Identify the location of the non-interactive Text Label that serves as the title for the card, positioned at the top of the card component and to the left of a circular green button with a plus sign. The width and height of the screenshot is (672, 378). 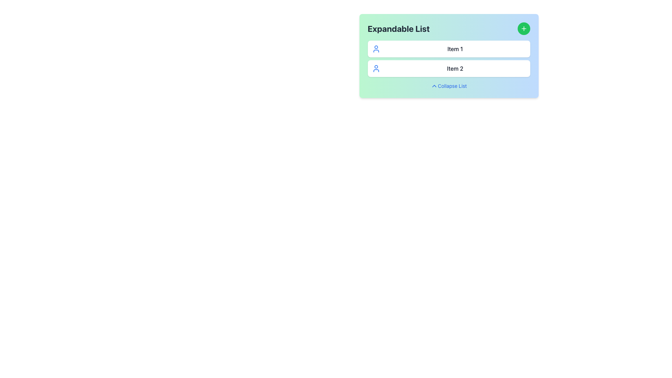
(399, 28).